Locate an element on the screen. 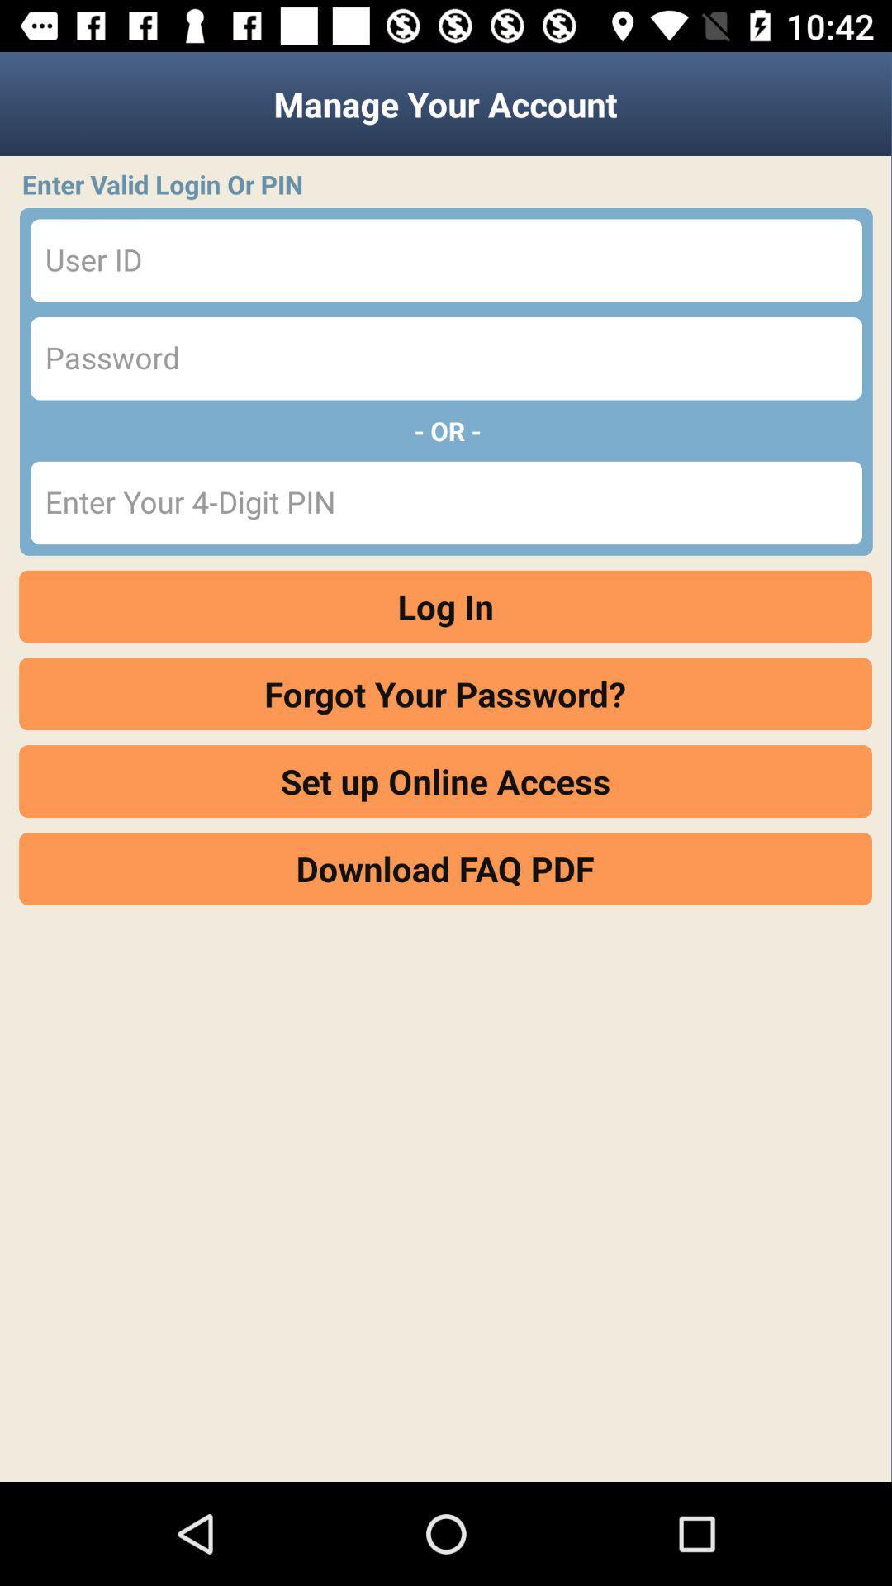 The image size is (892, 1586). the icon above the enter valid login icon is located at coordinates (444, 103).